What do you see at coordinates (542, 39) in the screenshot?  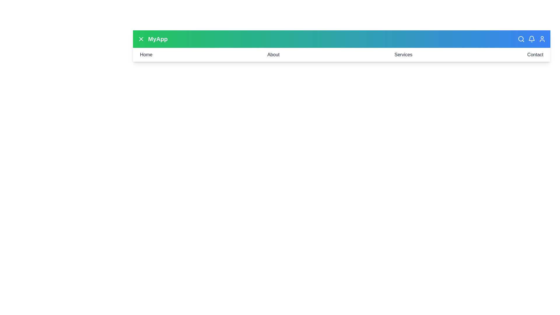 I see `the user_profile button in the header` at bounding box center [542, 39].